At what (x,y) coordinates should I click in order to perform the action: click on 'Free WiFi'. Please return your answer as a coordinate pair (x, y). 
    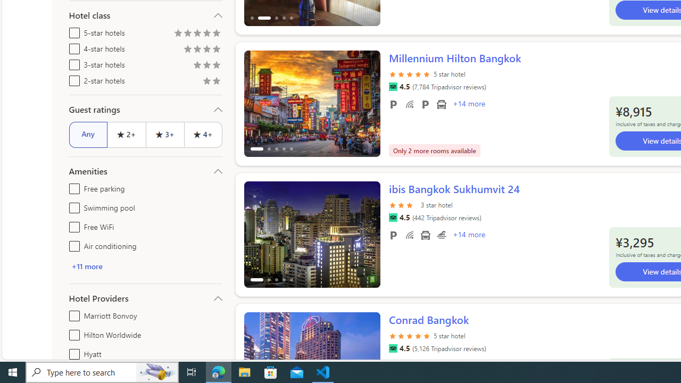
    Looking at the image, I should click on (72, 224).